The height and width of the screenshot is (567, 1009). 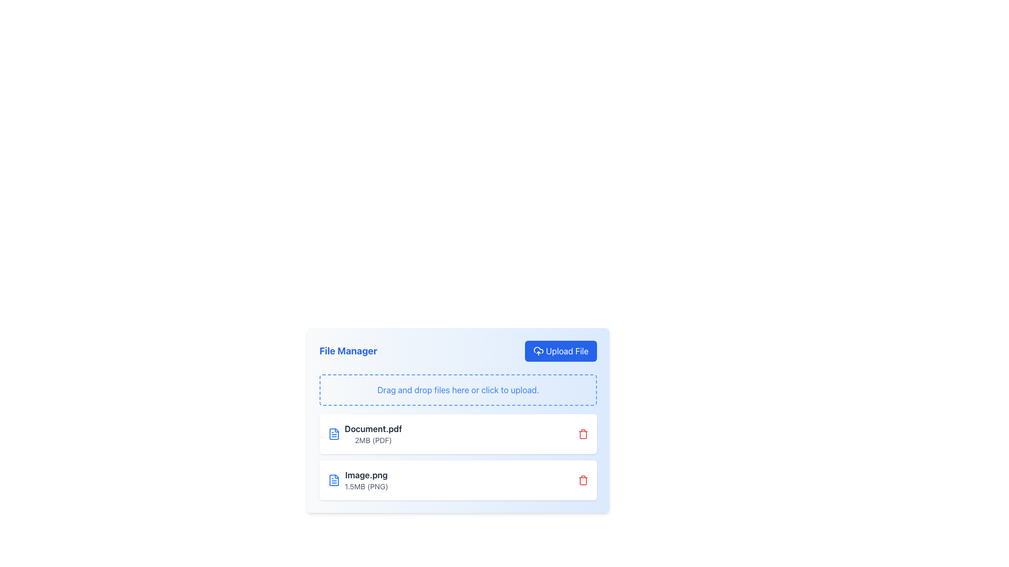 I want to click on the first file entry card, so click(x=458, y=437).